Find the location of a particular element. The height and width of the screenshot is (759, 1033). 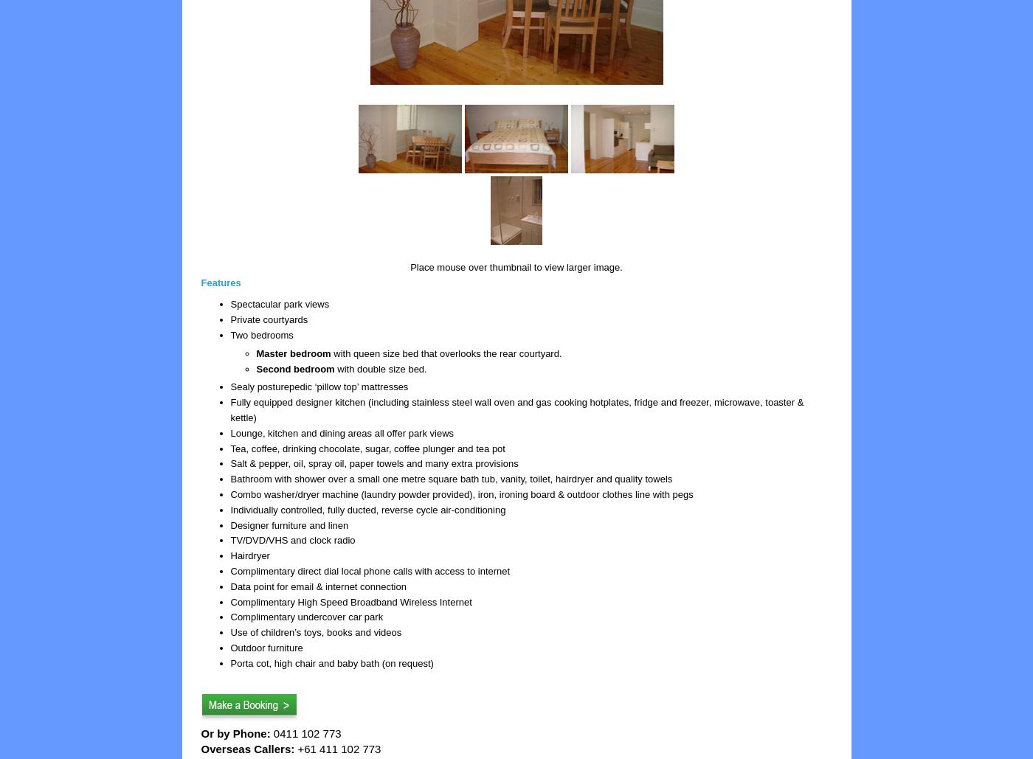

'Spectacular park views' is located at coordinates (279, 303).